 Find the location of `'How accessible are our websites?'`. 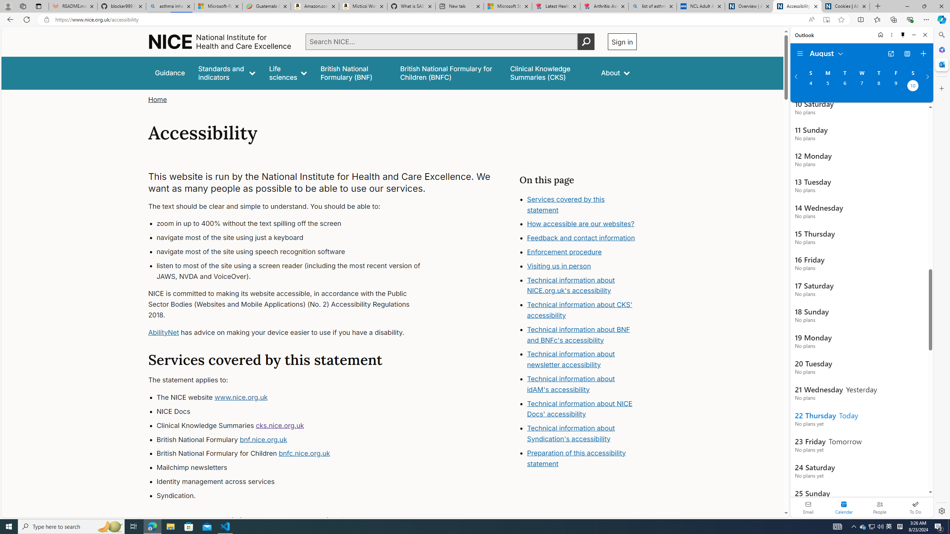

'How accessible are our websites?' is located at coordinates (581, 224).